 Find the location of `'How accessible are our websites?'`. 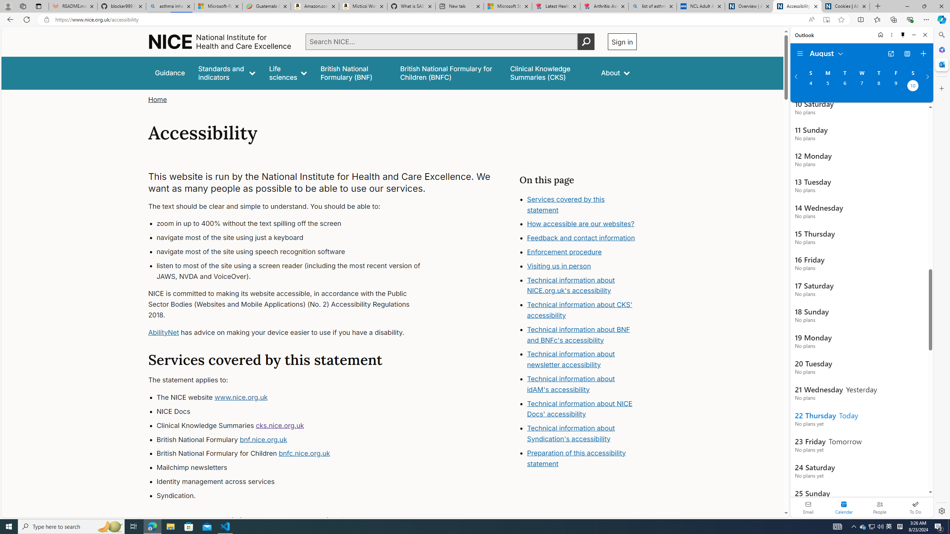

'How accessible are our websites?' is located at coordinates (581, 224).